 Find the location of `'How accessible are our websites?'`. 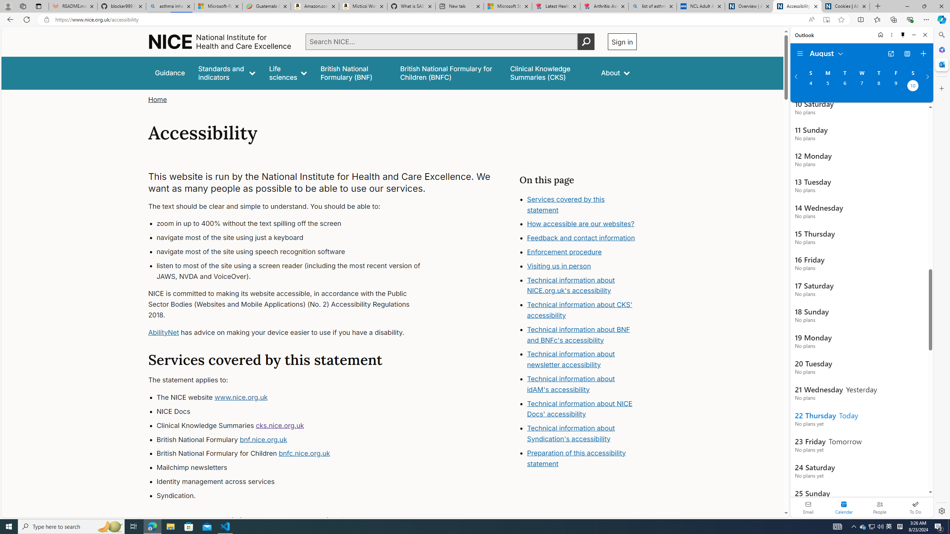

'How accessible are our websites?' is located at coordinates (581, 224).